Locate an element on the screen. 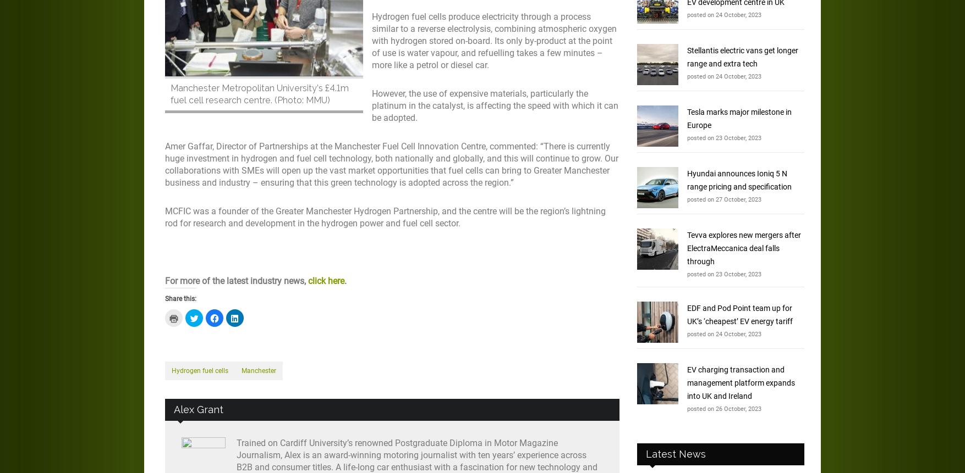 The height and width of the screenshot is (473, 965). 'Tevva explores new mergers after ElectraMeccanica deal falls through' is located at coordinates (686, 247).